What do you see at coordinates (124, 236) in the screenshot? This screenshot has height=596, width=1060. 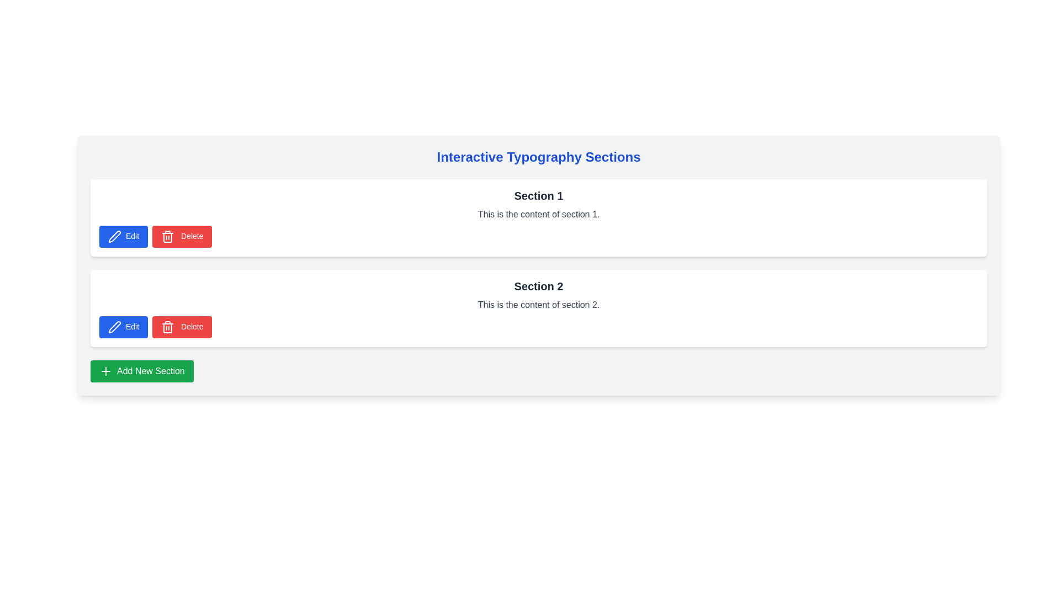 I see `the first button in the row under 'Interactive Typography Sections' to observe its hover effect` at bounding box center [124, 236].